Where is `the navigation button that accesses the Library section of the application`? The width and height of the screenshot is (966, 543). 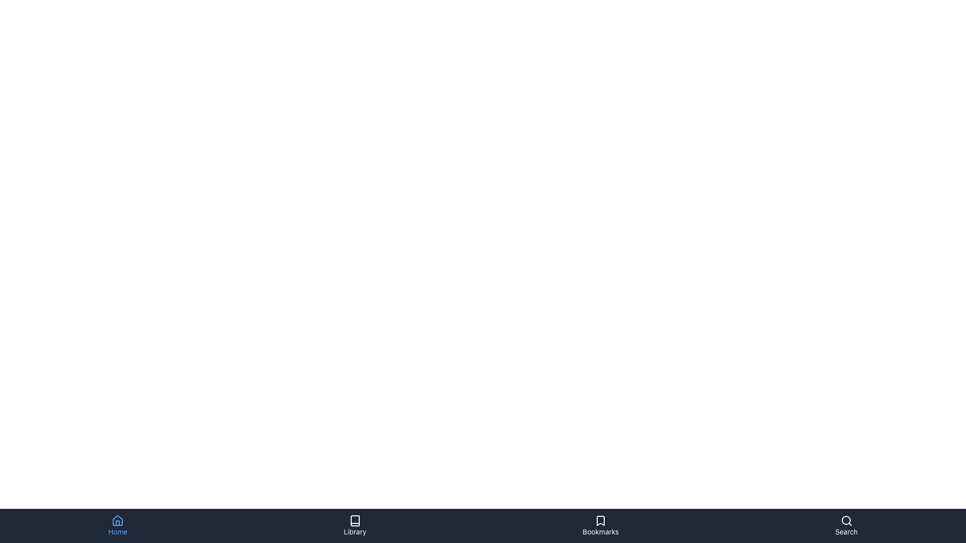
the navigation button that accesses the Library section of the application is located at coordinates (355, 520).